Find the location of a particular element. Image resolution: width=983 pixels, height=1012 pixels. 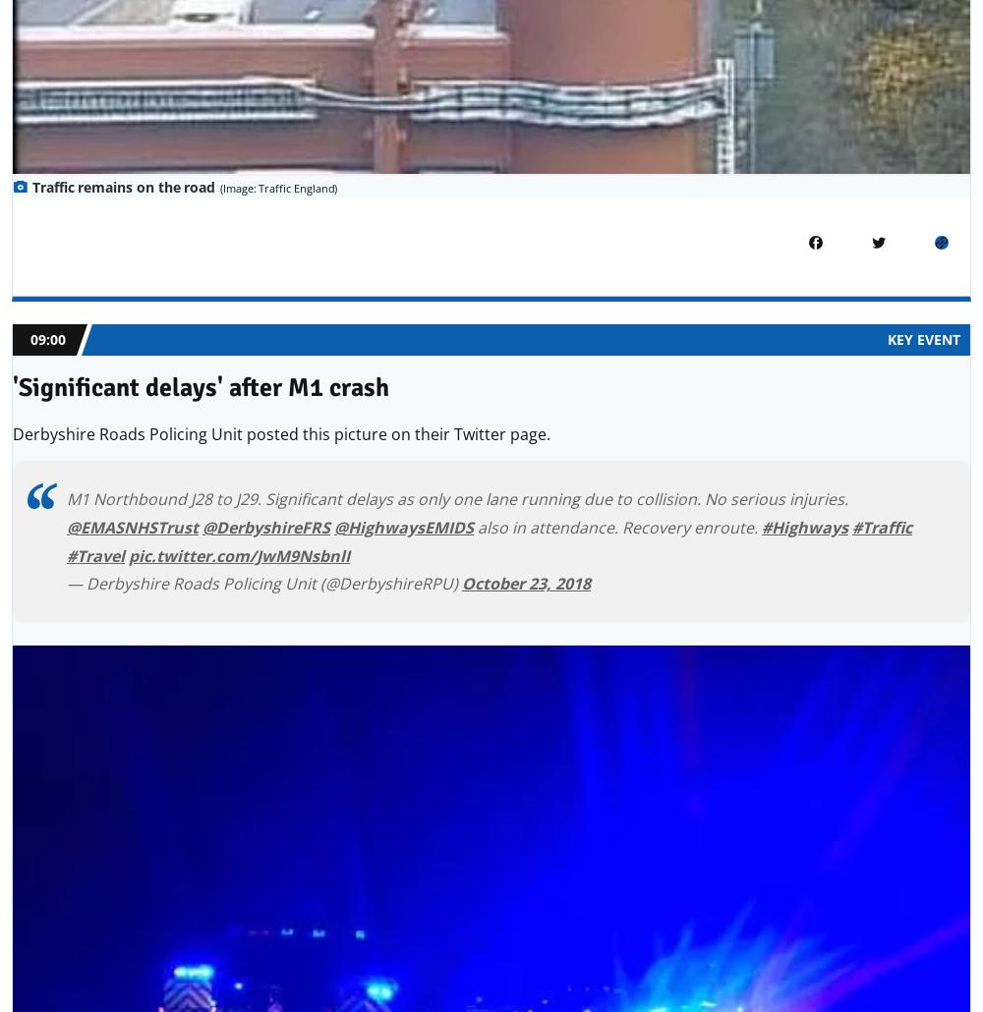

''Significant delays' after M1 crash' is located at coordinates (200, 388).